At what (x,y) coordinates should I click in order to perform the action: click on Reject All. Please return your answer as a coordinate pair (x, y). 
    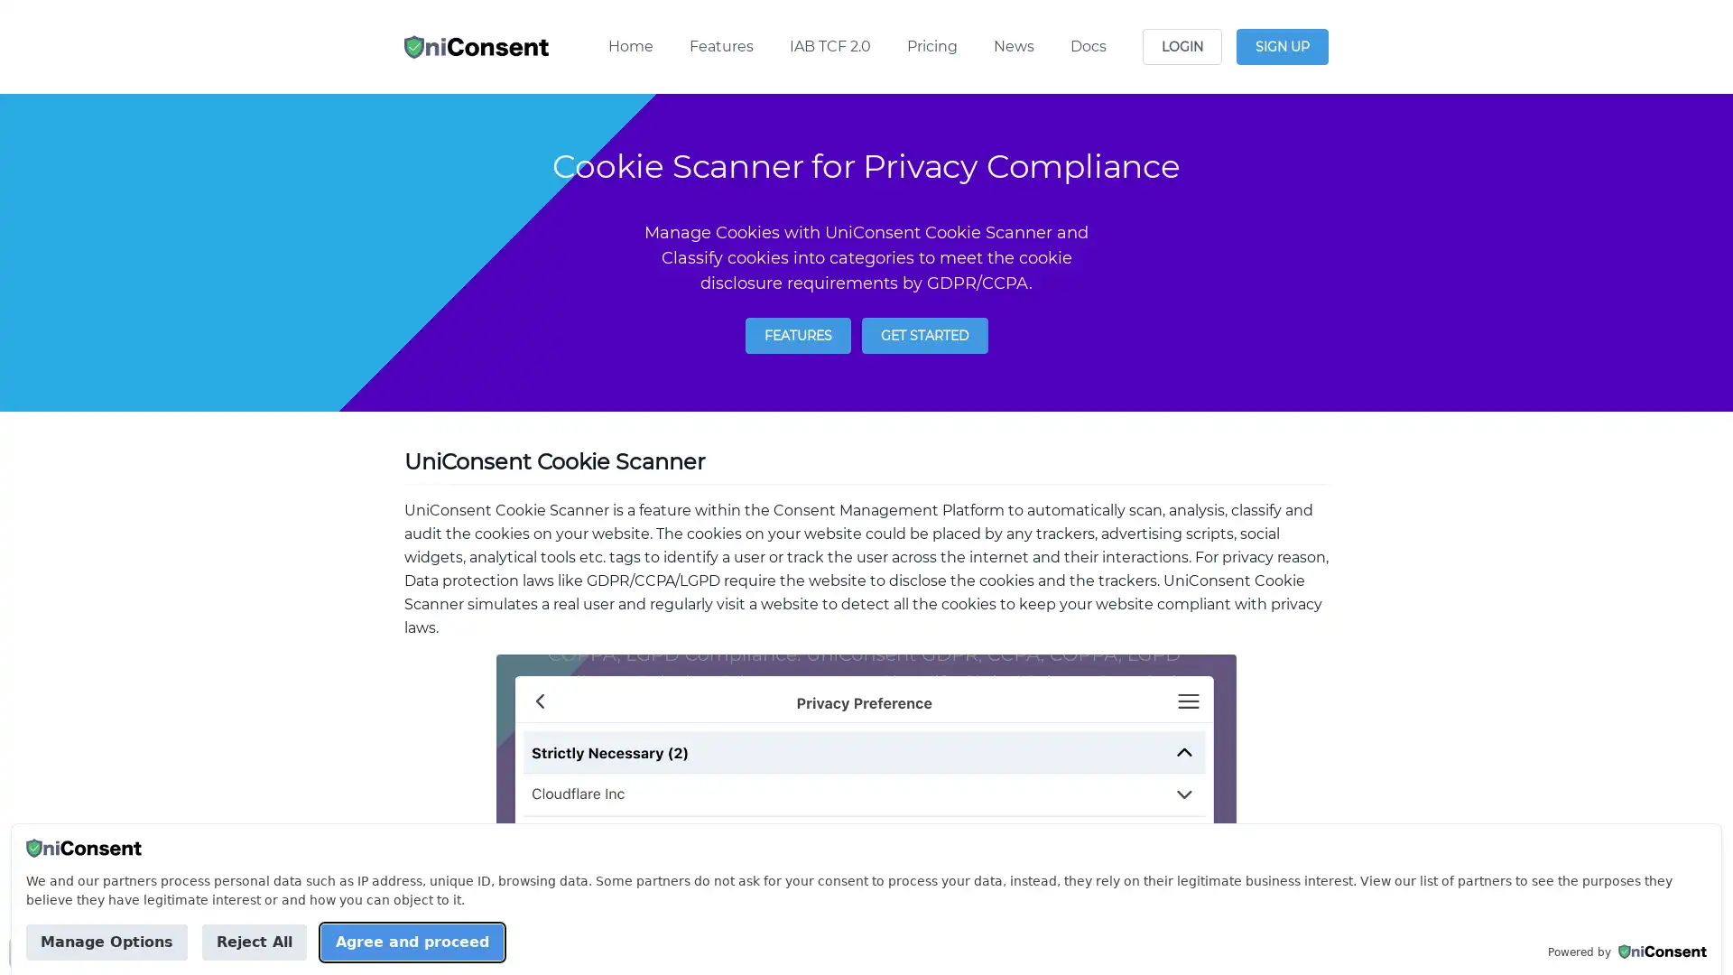
    Looking at the image, I should click on (254, 942).